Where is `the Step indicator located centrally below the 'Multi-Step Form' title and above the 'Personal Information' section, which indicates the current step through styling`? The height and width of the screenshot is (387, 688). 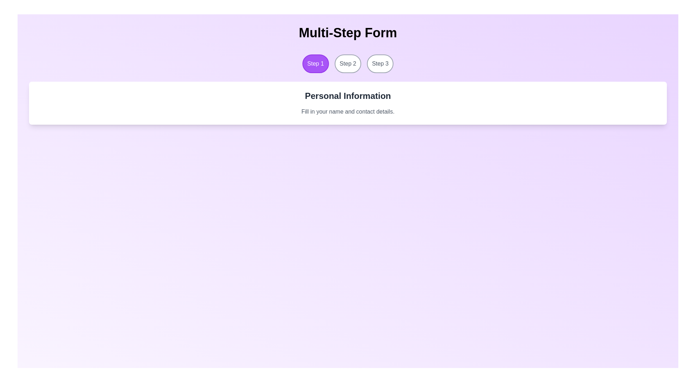 the Step indicator located centrally below the 'Multi-Step Form' title and above the 'Personal Information' section, which indicates the current step through styling is located at coordinates (348, 63).